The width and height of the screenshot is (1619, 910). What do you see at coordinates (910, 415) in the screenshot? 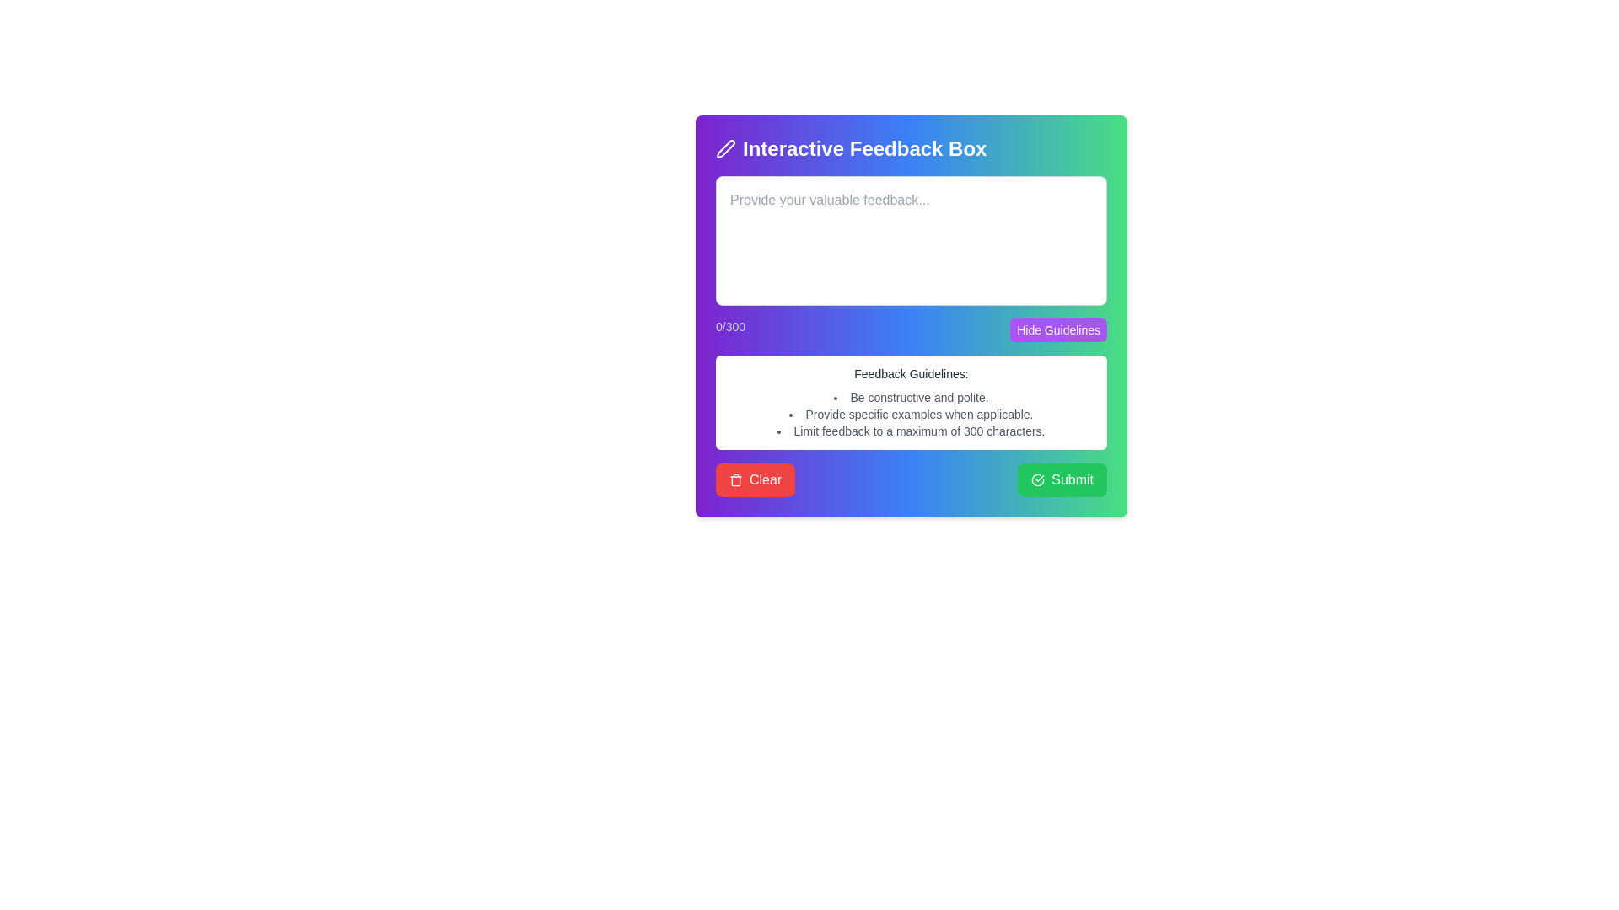
I see `the second list item in the feedback guidelines which advises users to provide specific examples in their feedback` at bounding box center [910, 415].